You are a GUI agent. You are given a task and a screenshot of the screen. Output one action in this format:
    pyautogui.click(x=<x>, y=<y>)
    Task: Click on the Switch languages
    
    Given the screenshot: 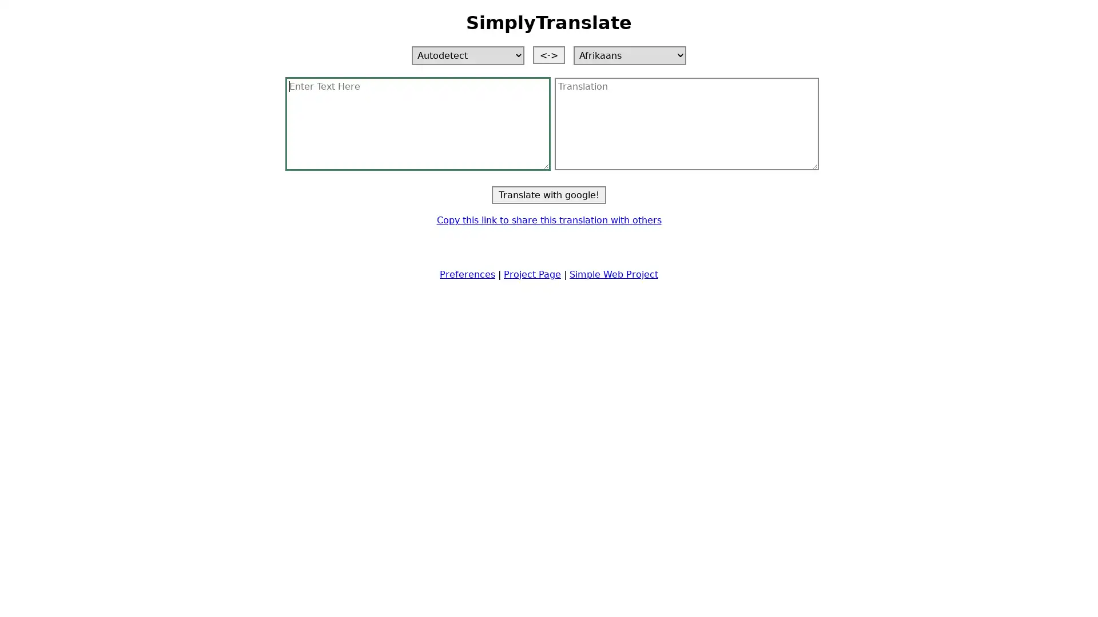 What is the action you would take?
    pyautogui.click(x=549, y=54)
    